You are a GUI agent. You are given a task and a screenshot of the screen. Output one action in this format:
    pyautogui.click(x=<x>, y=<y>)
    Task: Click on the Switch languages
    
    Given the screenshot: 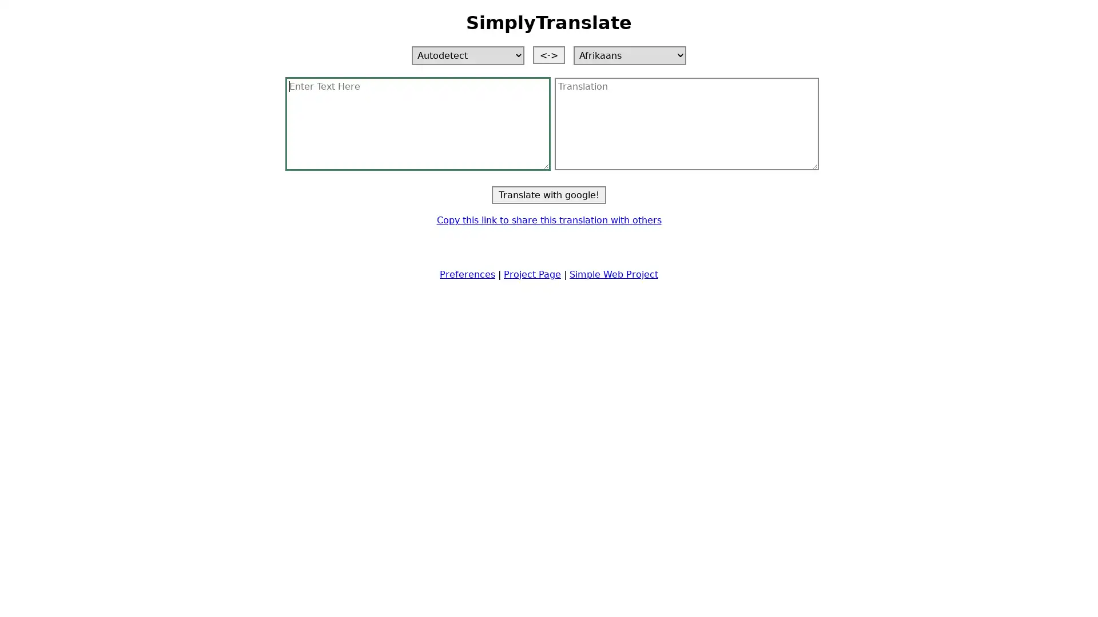 What is the action you would take?
    pyautogui.click(x=549, y=54)
    